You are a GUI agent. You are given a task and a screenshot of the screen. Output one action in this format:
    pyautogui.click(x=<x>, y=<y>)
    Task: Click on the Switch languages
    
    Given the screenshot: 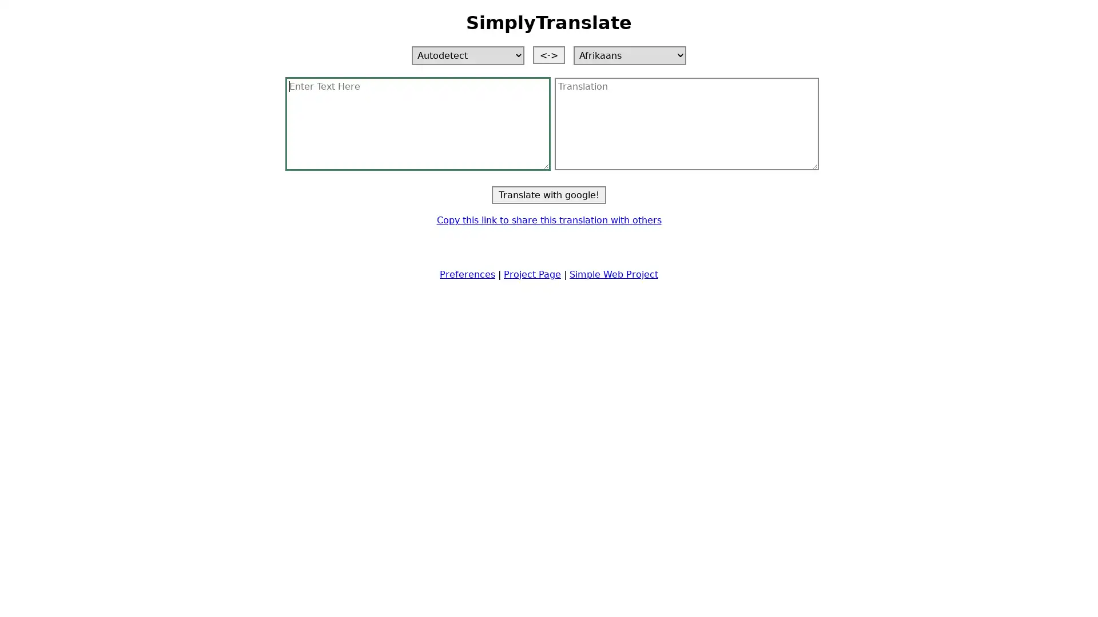 What is the action you would take?
    pyautogui.click(x=549, y=54)
    